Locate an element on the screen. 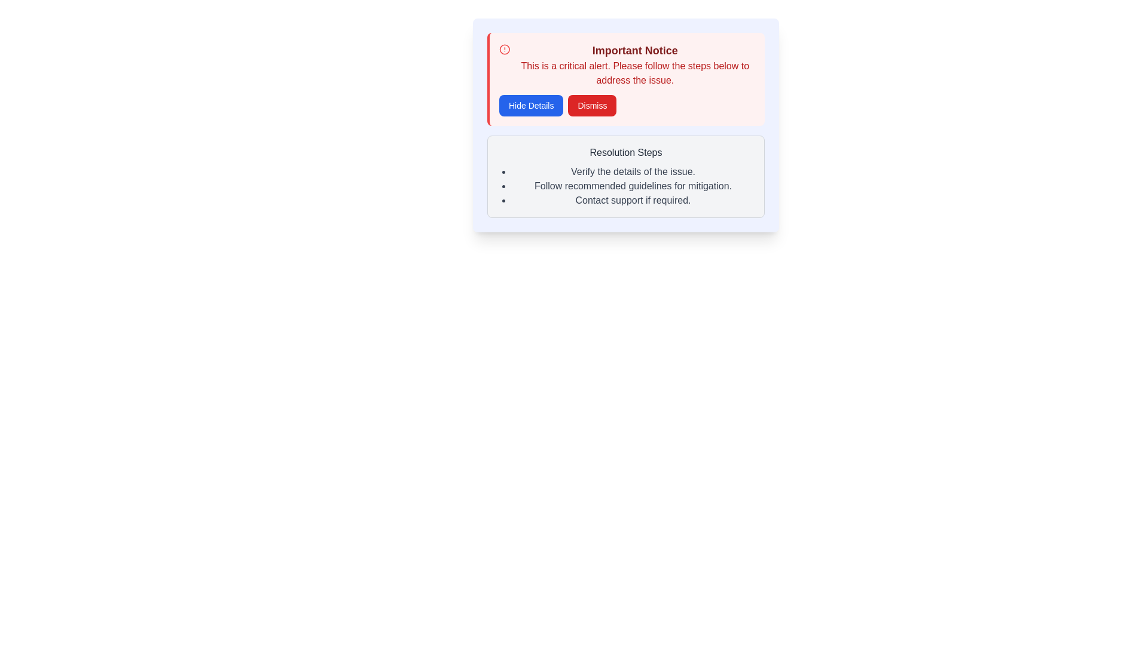 The width and height of the screenshot is (1148, 645). the rectangular red button labeled 'Dismiss' is located at coordinates (592, 105).